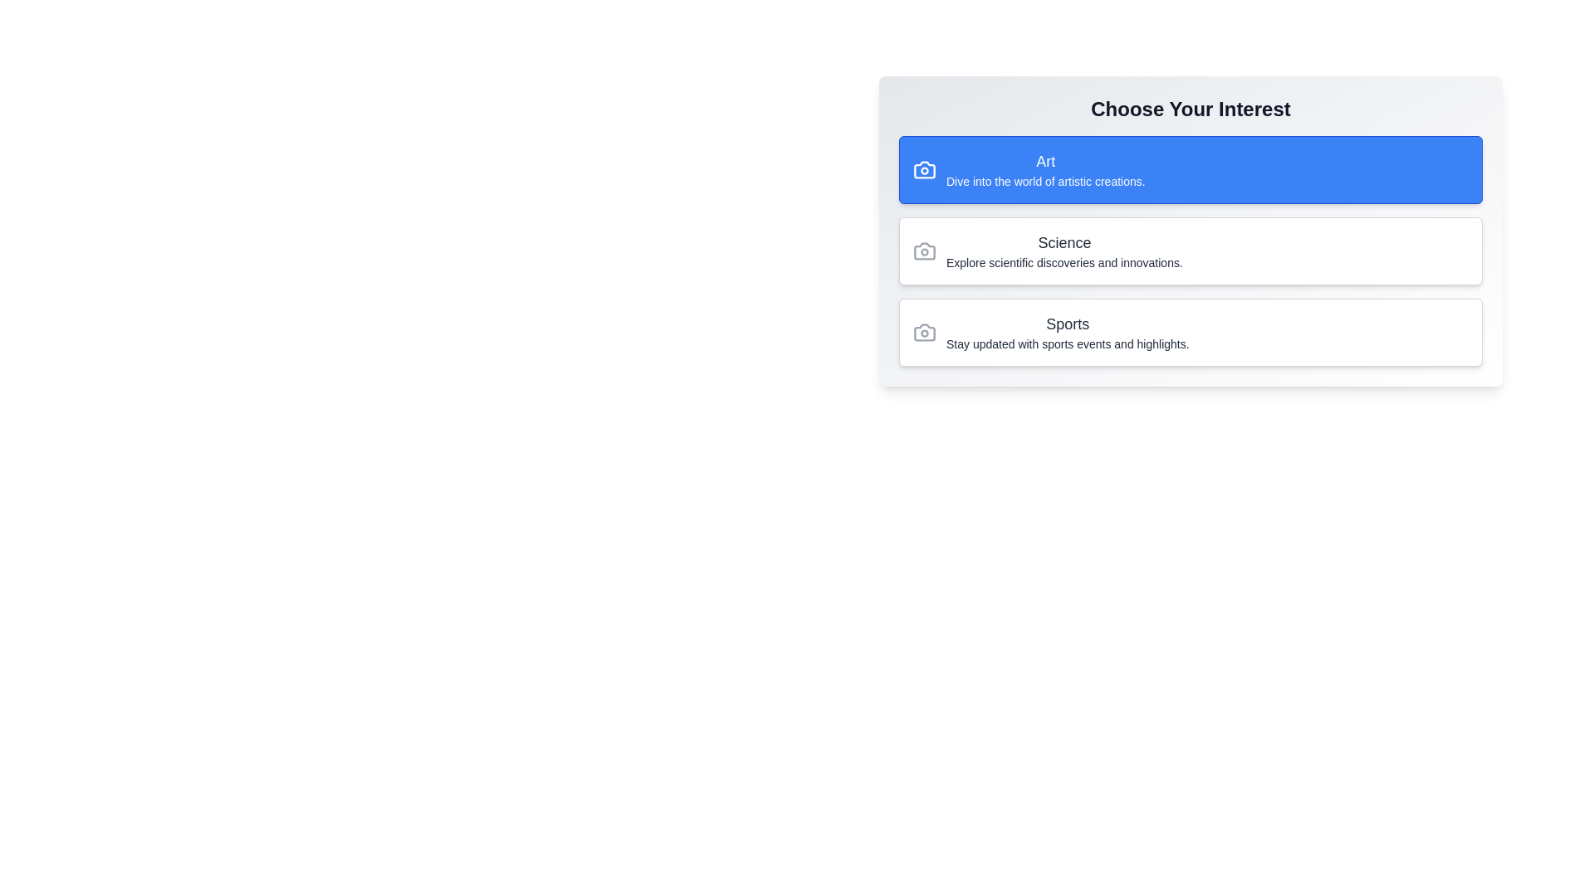  Describe the element at coordinates (1190, 109) in the screenshot. I see `the bold header text label that reads 'Choose Your Interest', which is located at the very top of the menu interface and serves as the title above the selectable options` at that location.